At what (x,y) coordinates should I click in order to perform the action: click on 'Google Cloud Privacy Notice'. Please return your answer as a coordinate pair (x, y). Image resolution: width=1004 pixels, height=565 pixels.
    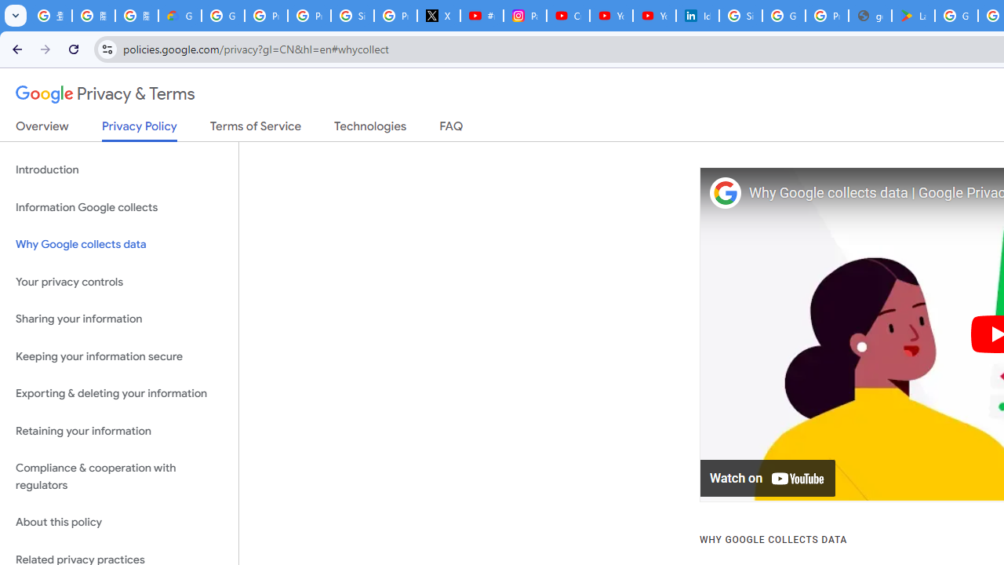
    Looking at the image, I should click on (180, 16).